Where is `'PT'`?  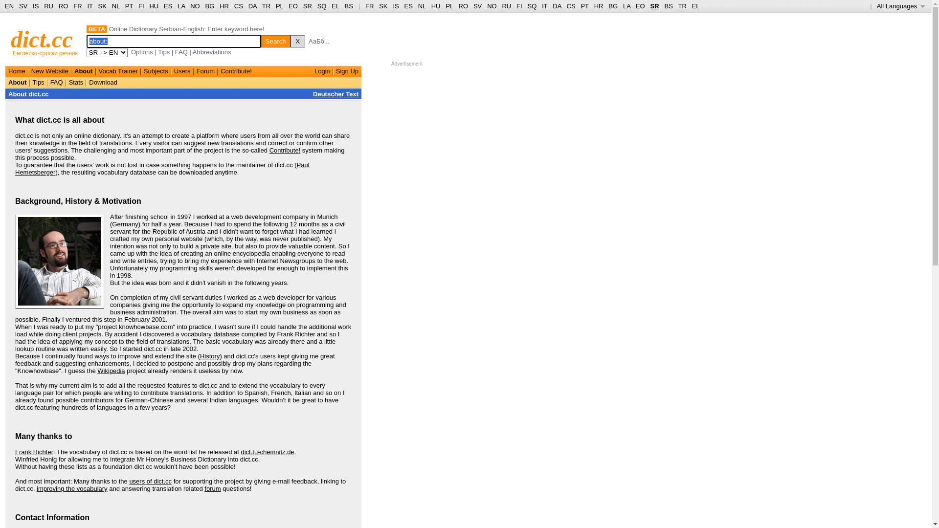
'PT' is located at coordinates (124, 6).